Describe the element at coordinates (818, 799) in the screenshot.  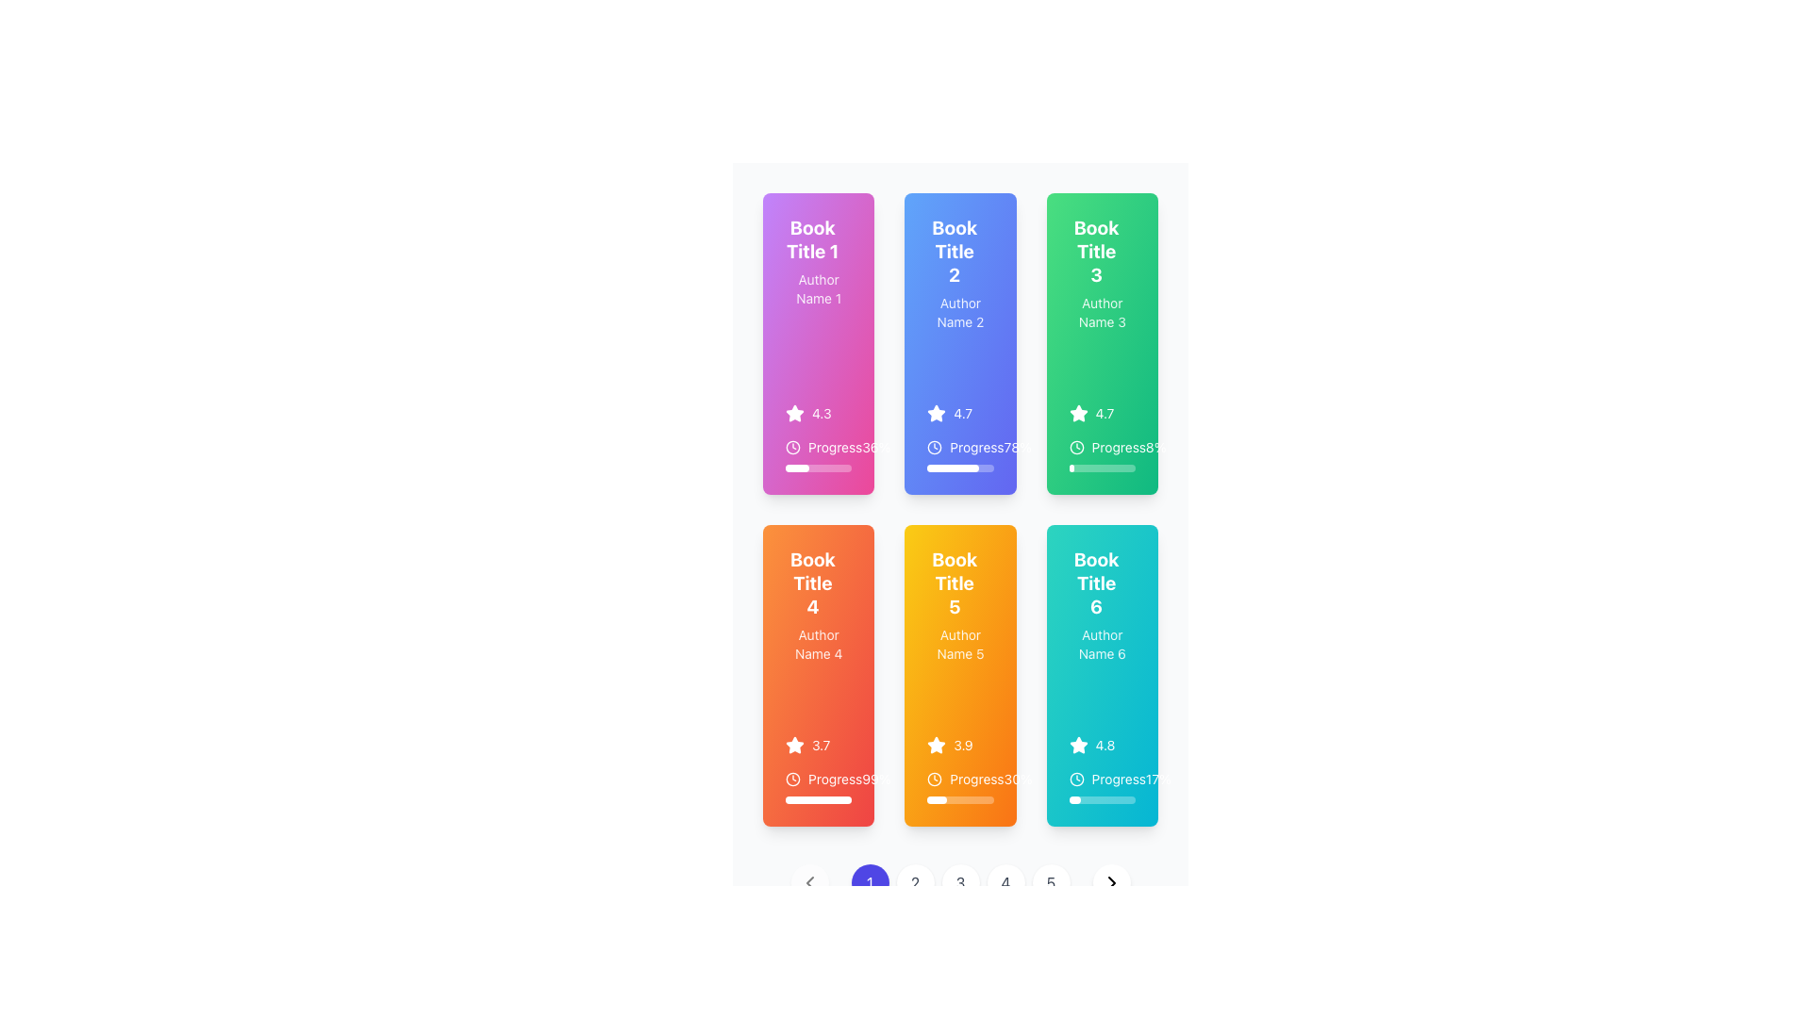
I see `the progress bar located at the bottom of the card for 'Book Title 4', which visually indicates the progress percentage and aligns with the 'Progress: 99%' text label` at that location.